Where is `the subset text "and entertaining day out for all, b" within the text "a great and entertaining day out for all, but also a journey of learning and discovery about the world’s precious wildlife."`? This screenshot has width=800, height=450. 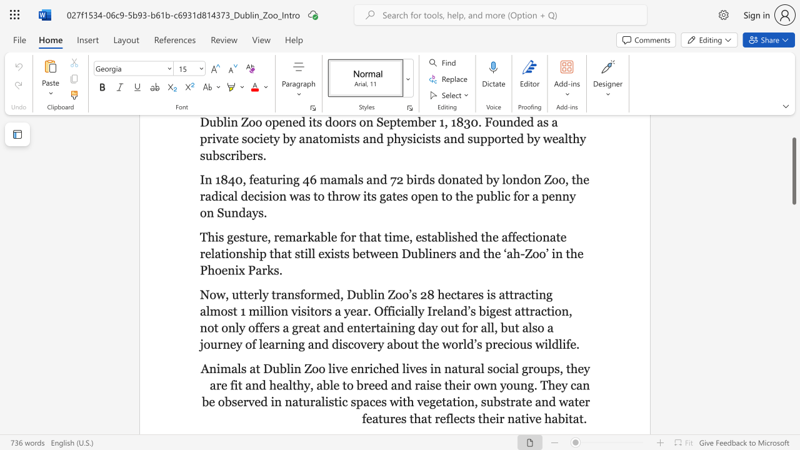
the subset text "and entertaining day out for all, b" within the text "a great and entertaining day out for all, but also a journey of learning and discovery about the world’s precious wildlife." is located at coordinates (323, 327).